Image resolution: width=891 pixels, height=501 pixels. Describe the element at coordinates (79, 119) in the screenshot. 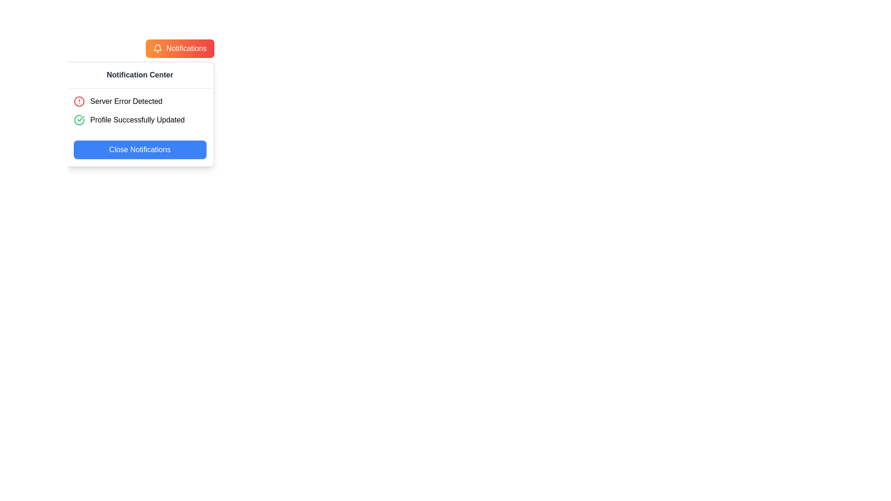

I see `the success icon indicating the message 'Profile Successfully Updated' located to the left of the text in the notification card` at that location.